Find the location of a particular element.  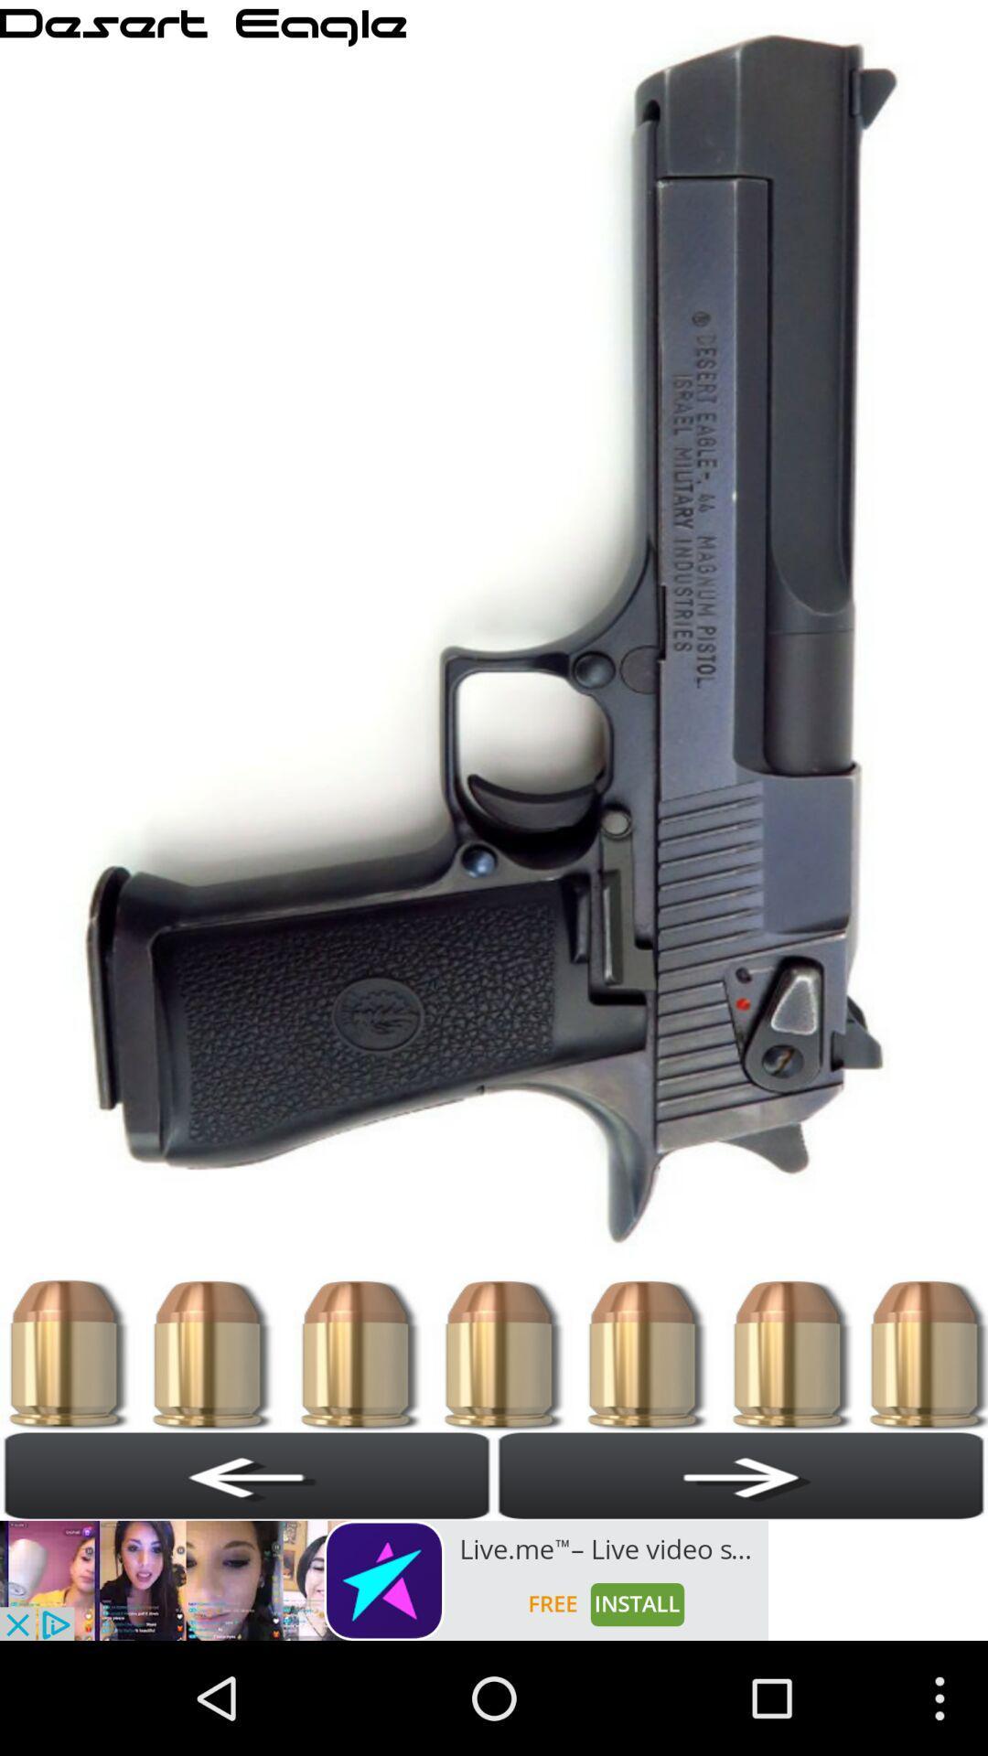

go back is located at coordinates (247, 1475).